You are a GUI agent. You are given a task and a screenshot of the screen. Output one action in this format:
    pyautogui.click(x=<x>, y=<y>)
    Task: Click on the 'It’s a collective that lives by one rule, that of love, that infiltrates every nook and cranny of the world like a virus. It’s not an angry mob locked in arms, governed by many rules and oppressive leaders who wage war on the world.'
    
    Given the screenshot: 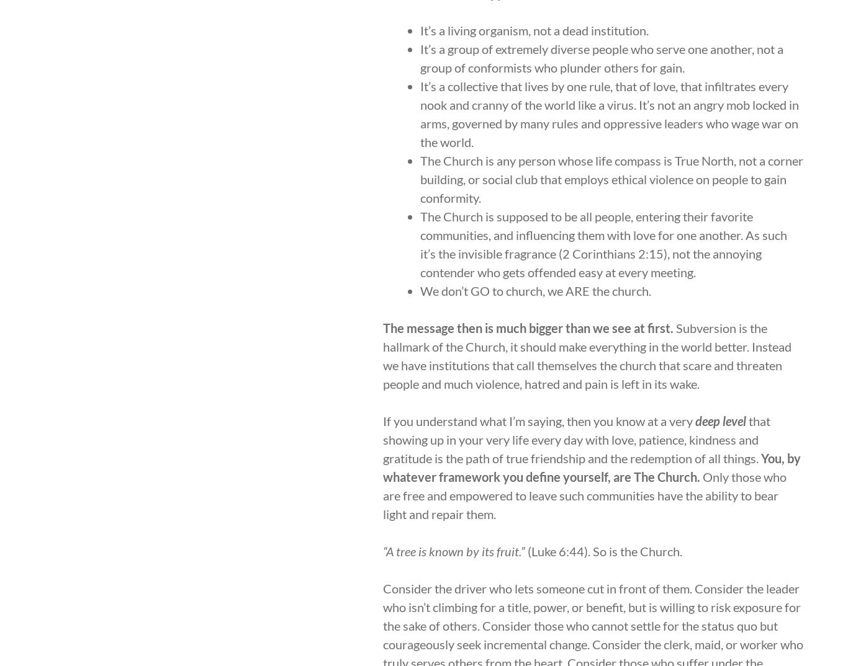 What is the action you would take?
    pyautogui.click(x=610, y=113)
    